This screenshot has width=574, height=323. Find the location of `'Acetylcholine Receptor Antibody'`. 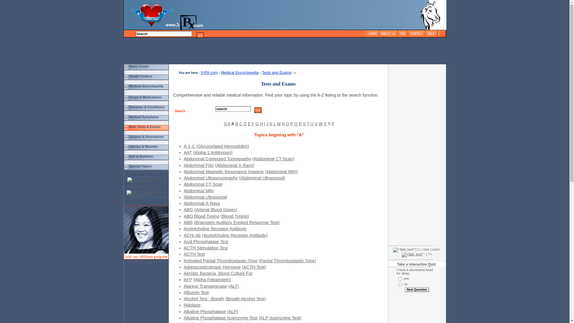

'Acetylcholine Receptor Antibody' is located at coordinates (215, 228).